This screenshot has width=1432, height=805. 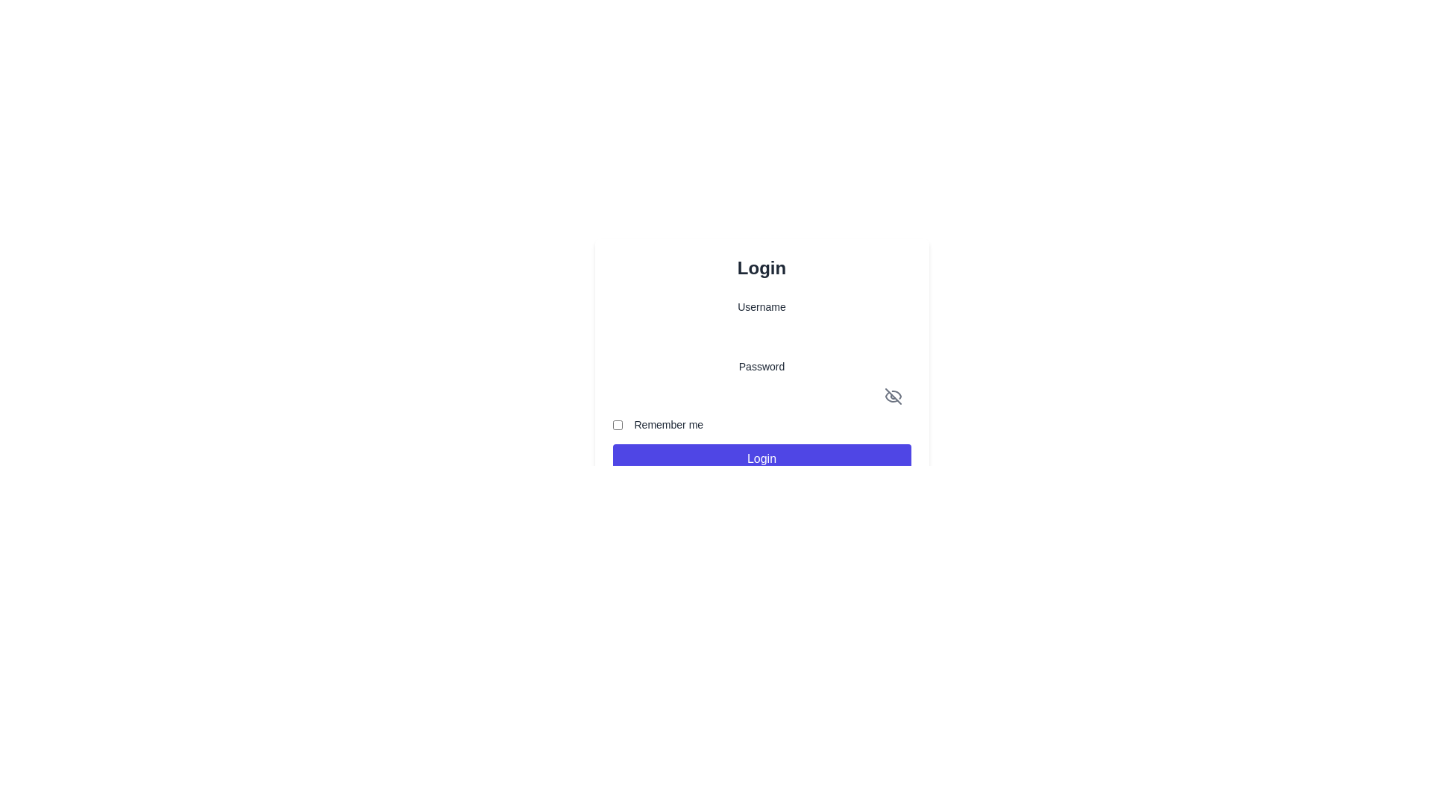 I want to click on the 'eye off' icon button located at the bottom-right corner of the password field, so click(x=893, y=396).